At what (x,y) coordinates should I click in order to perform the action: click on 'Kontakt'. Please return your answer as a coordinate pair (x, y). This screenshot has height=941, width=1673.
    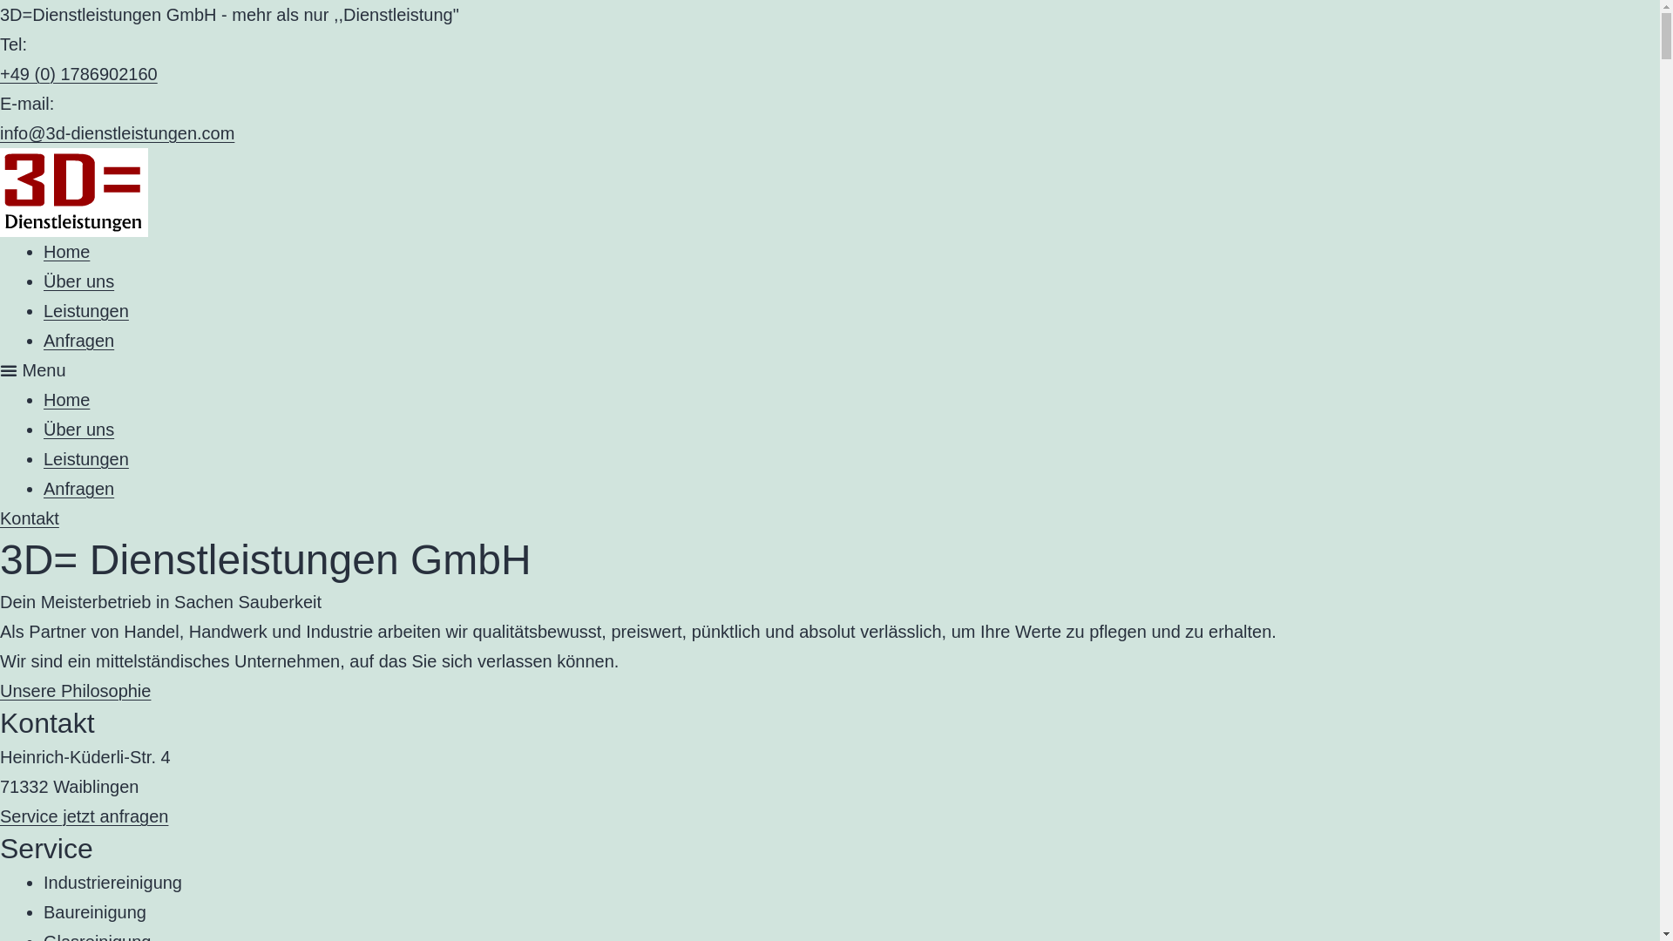
    Looking at the image, I should click on (29, 517).